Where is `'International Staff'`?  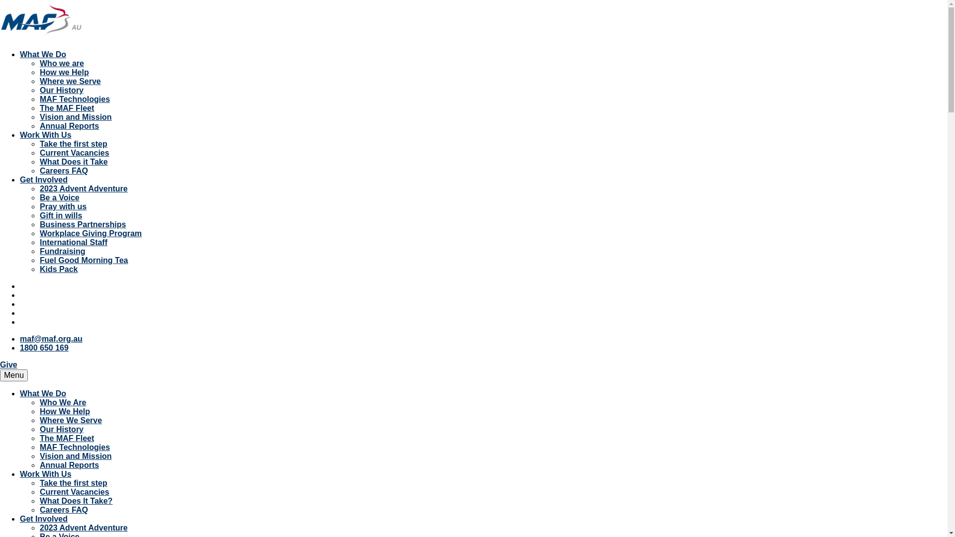
'International Staff' is located at coordinates (73, 242).